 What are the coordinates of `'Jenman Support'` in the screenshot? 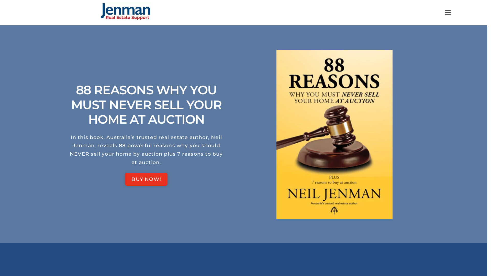 It's located at (125, 18).